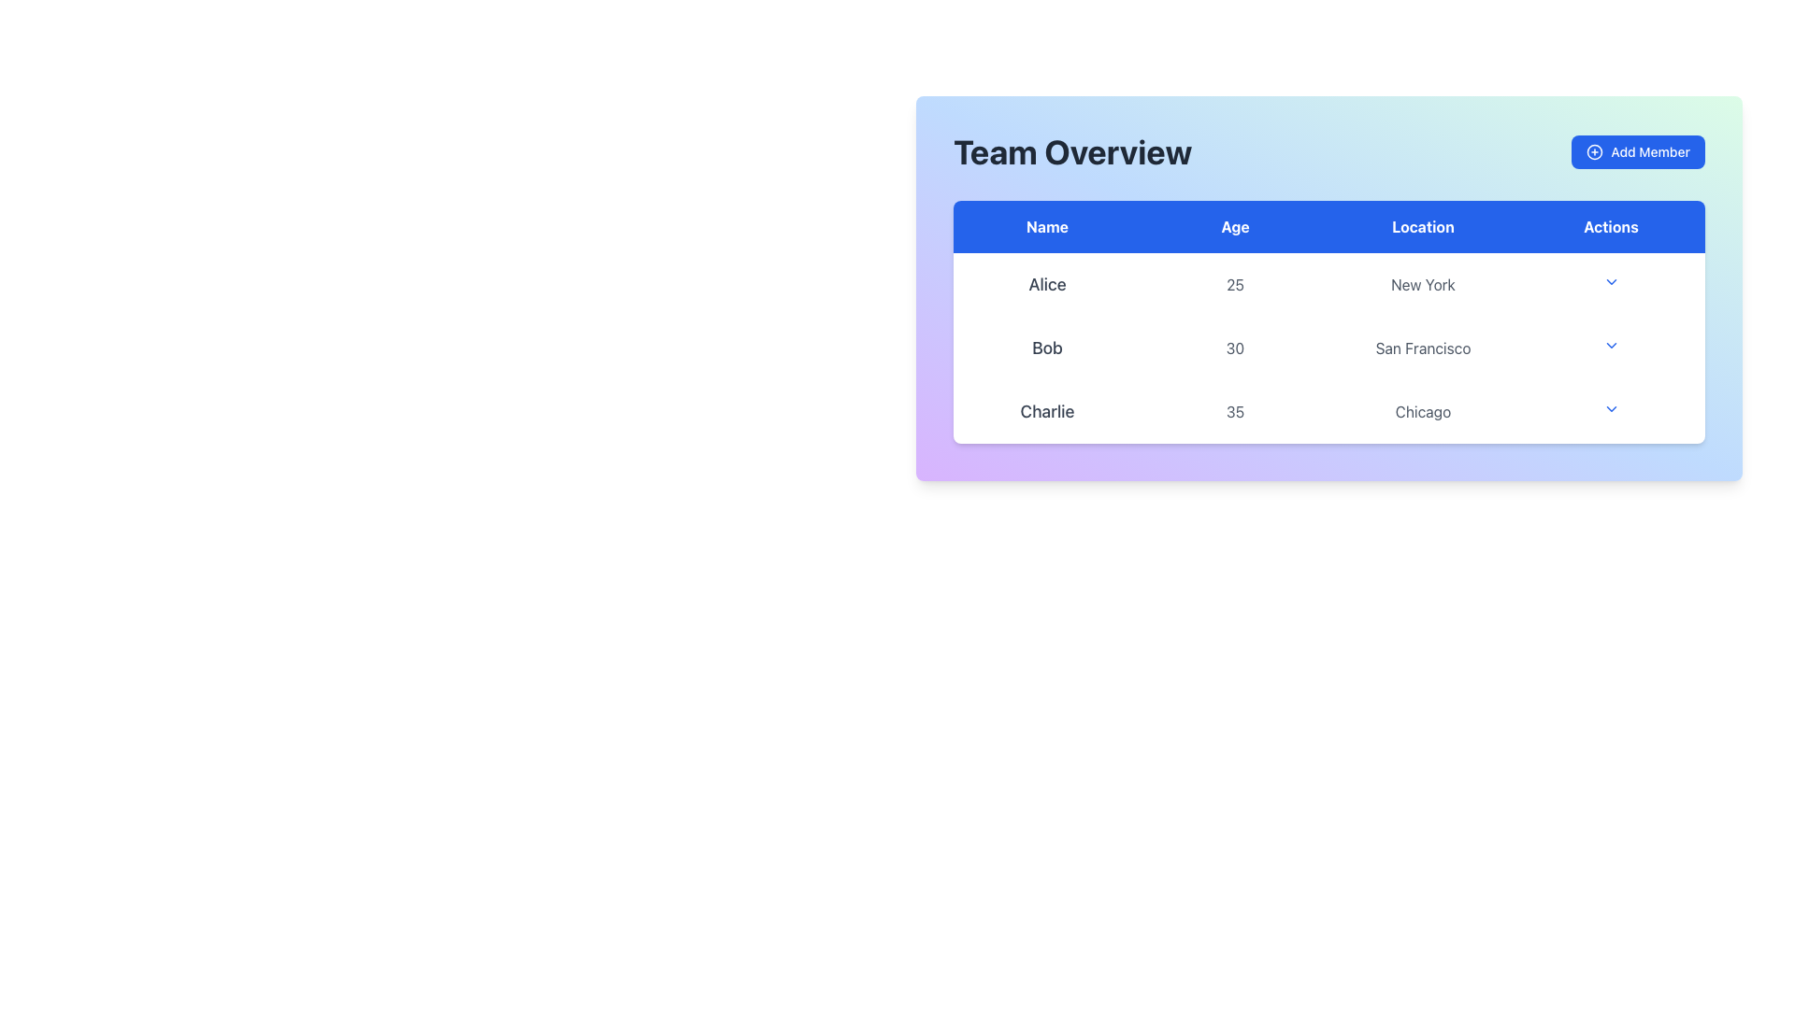 This screenshot has height=1009, width=1795. Describe the element at coordinates (1235, 284) in the screenshot. I see `the static text displaying the age information of Alice, located in the second column of the first row under the 'Age' header` at that location.